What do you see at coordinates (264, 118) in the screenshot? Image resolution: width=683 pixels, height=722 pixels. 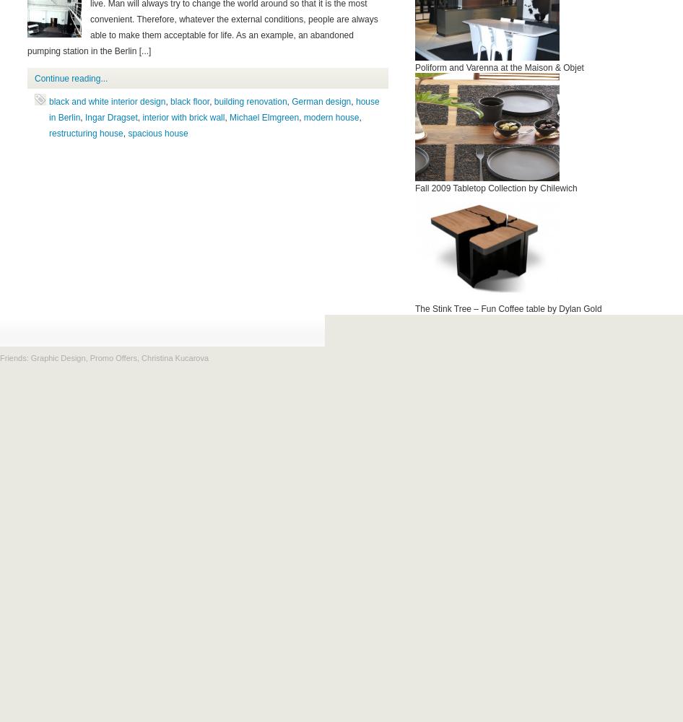 I see `'Michael Elmgreen'` at bounding box center [264, 118].